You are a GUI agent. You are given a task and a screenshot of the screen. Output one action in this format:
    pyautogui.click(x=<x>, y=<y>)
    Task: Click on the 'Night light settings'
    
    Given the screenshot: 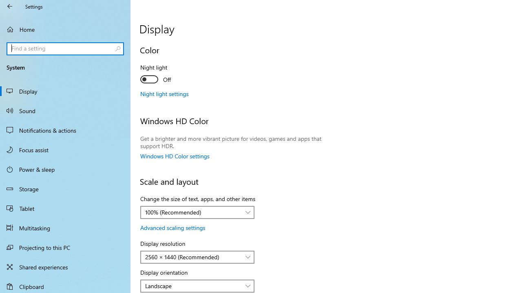 What is the action you would take?
    pyautogui.click(x=164, y=93)
    